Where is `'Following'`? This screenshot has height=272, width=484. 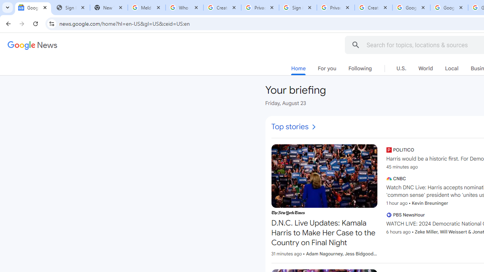 'Following' is located at coordinates (360, 68).